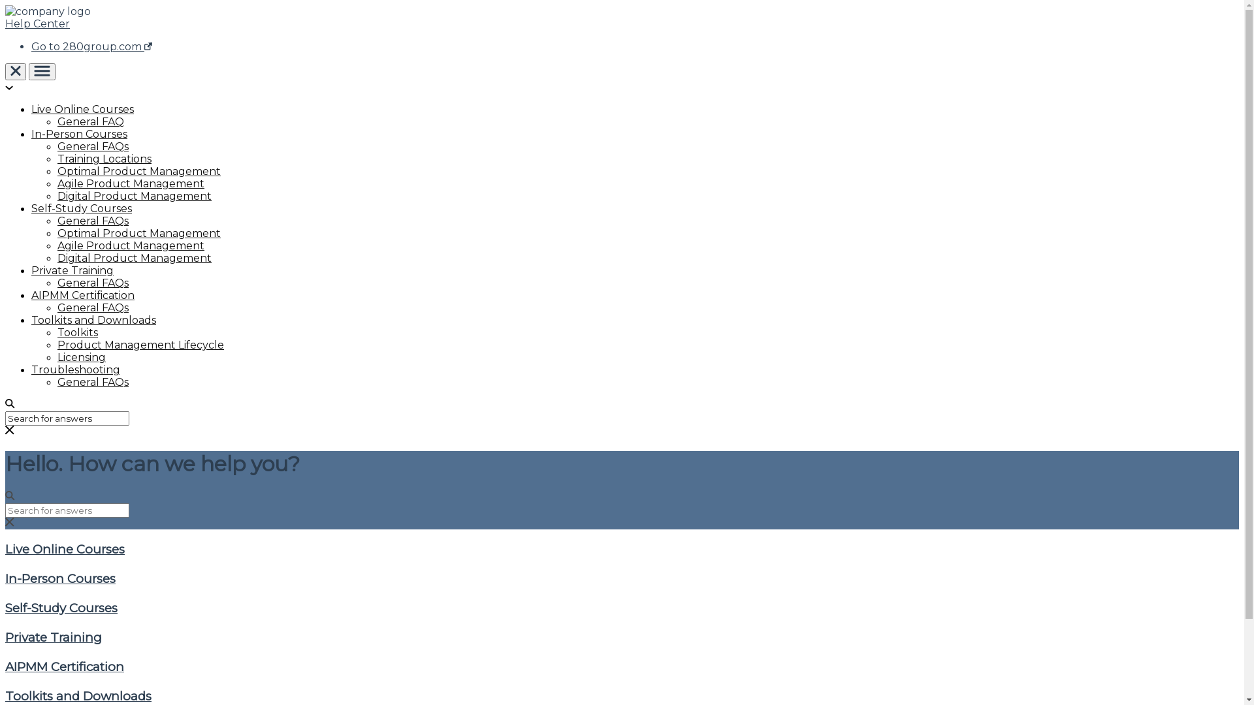  I want to click on 'Private Training', so click(5, 636).